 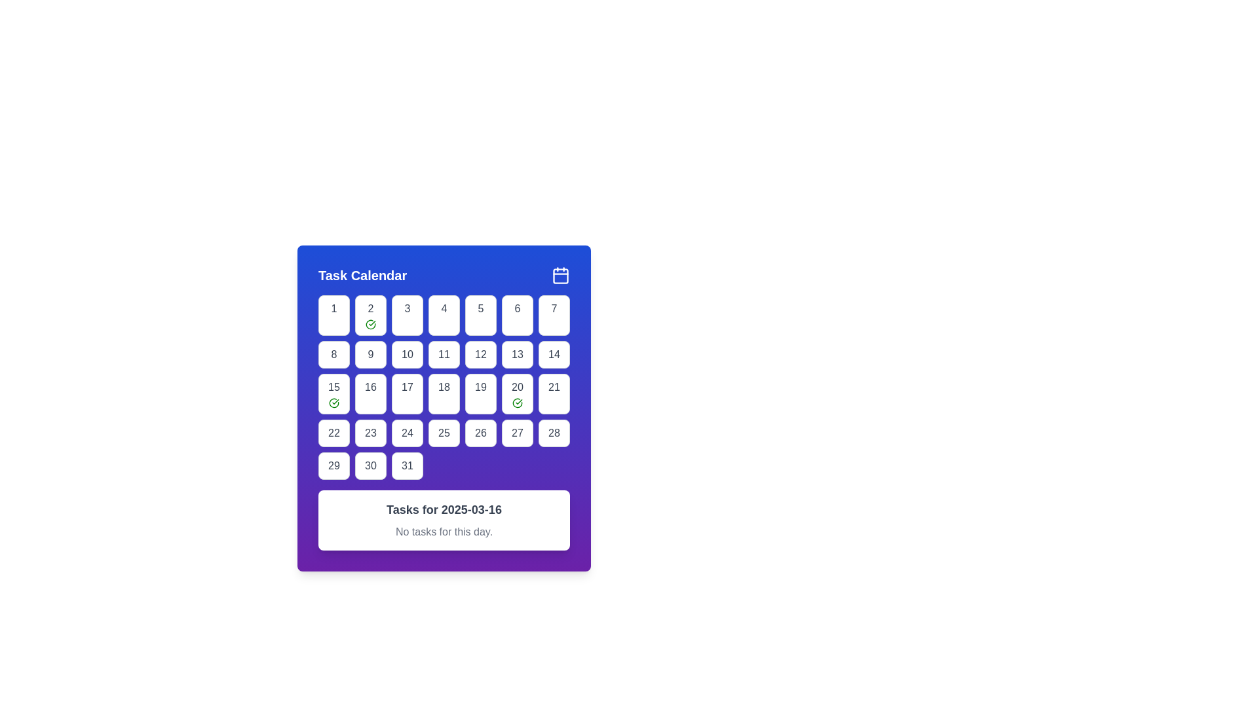 I want to click on the static text indicating the seventh day of the month in the calendar, which is positioned in the upper right corner of the blue-themed widget, so click(x=554, y=308).